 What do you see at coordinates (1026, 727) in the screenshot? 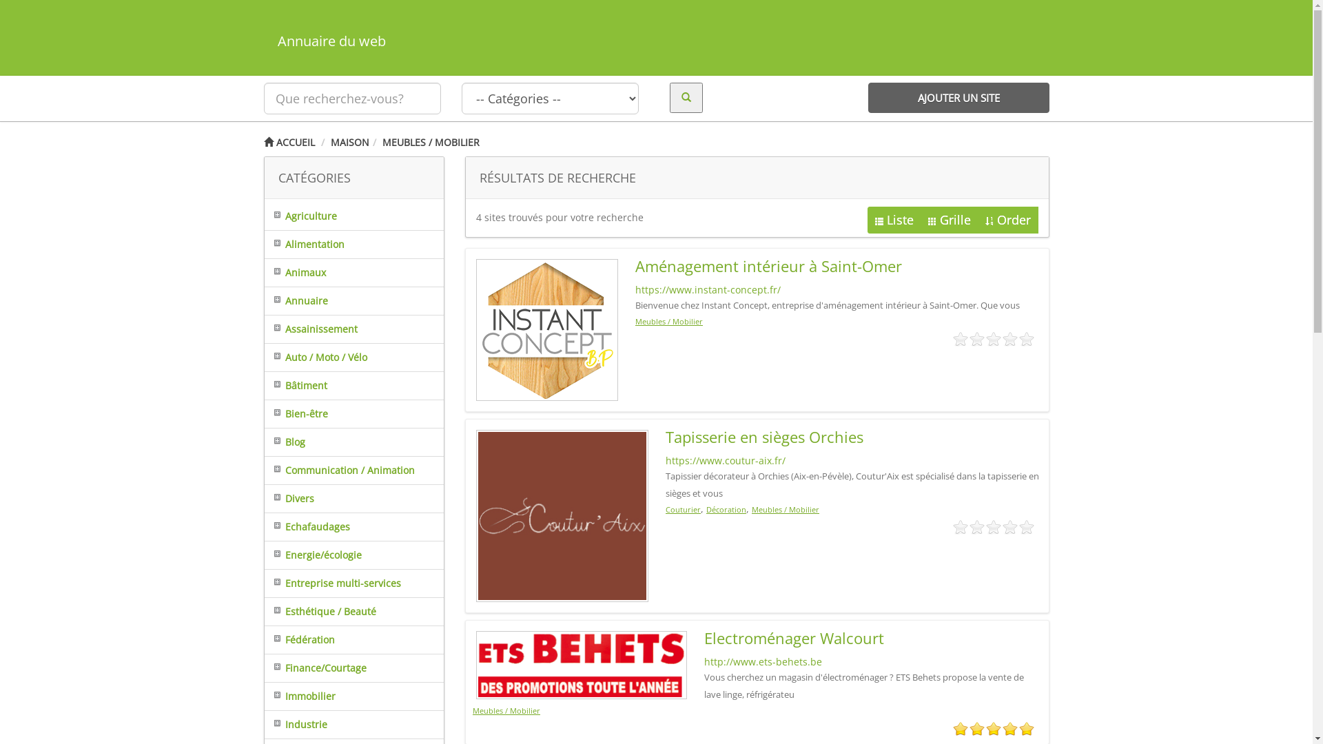
I see `'gorgeous'` at bounding box center [1026, 727].